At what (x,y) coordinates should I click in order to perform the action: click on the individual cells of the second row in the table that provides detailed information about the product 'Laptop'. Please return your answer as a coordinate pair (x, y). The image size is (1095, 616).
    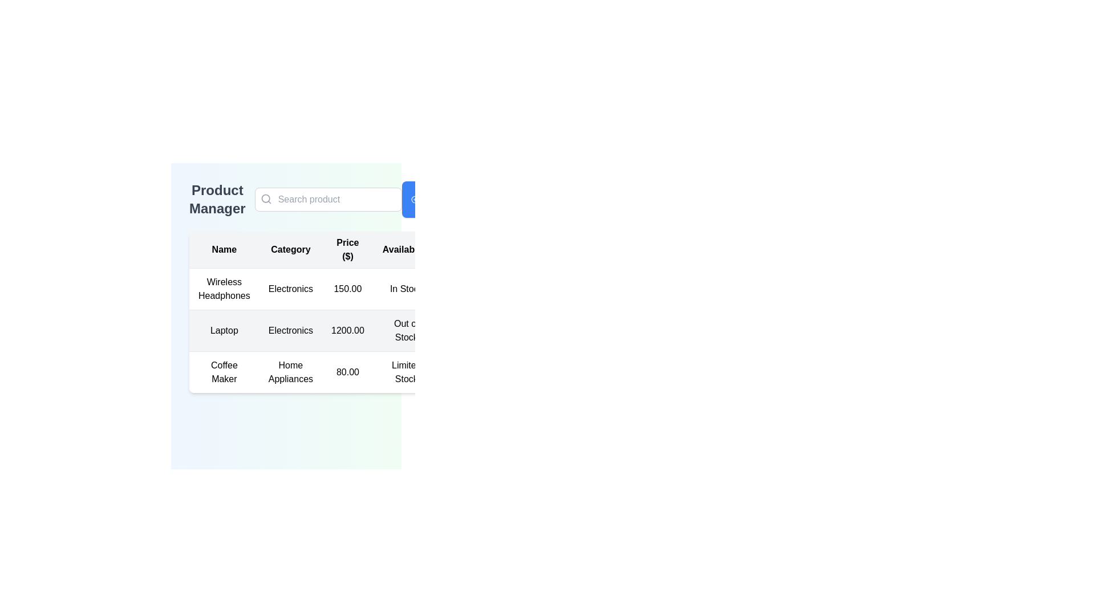
    Looking at the image, I should click on (346, 330).